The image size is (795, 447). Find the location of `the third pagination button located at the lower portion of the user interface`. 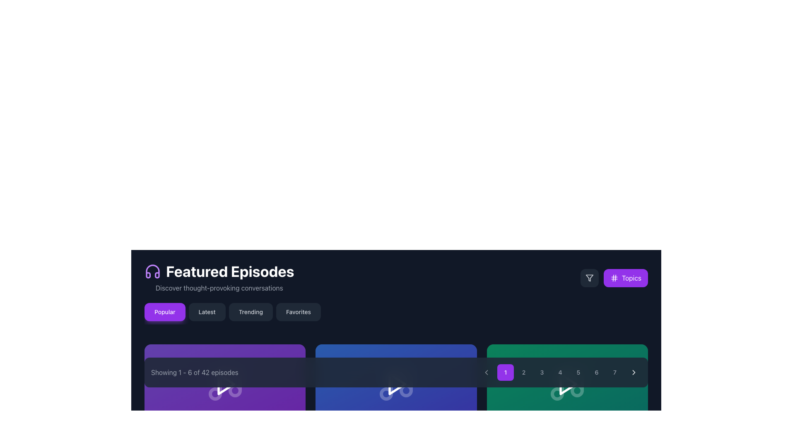

the third pagination button located at the lower portion of the user interface is located at coordinates (542, 372).